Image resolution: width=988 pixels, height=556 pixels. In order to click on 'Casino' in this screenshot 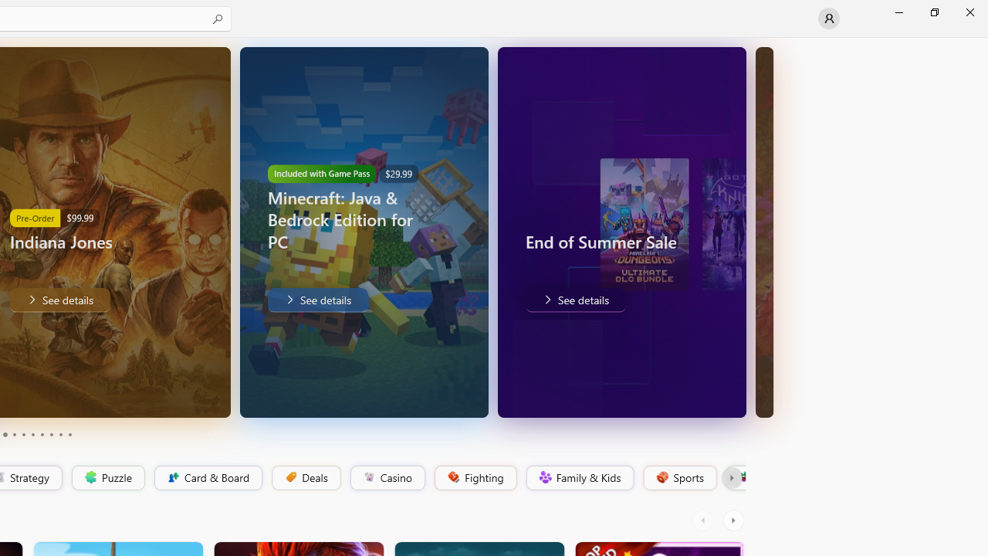, I will do `click(387, 477)`.